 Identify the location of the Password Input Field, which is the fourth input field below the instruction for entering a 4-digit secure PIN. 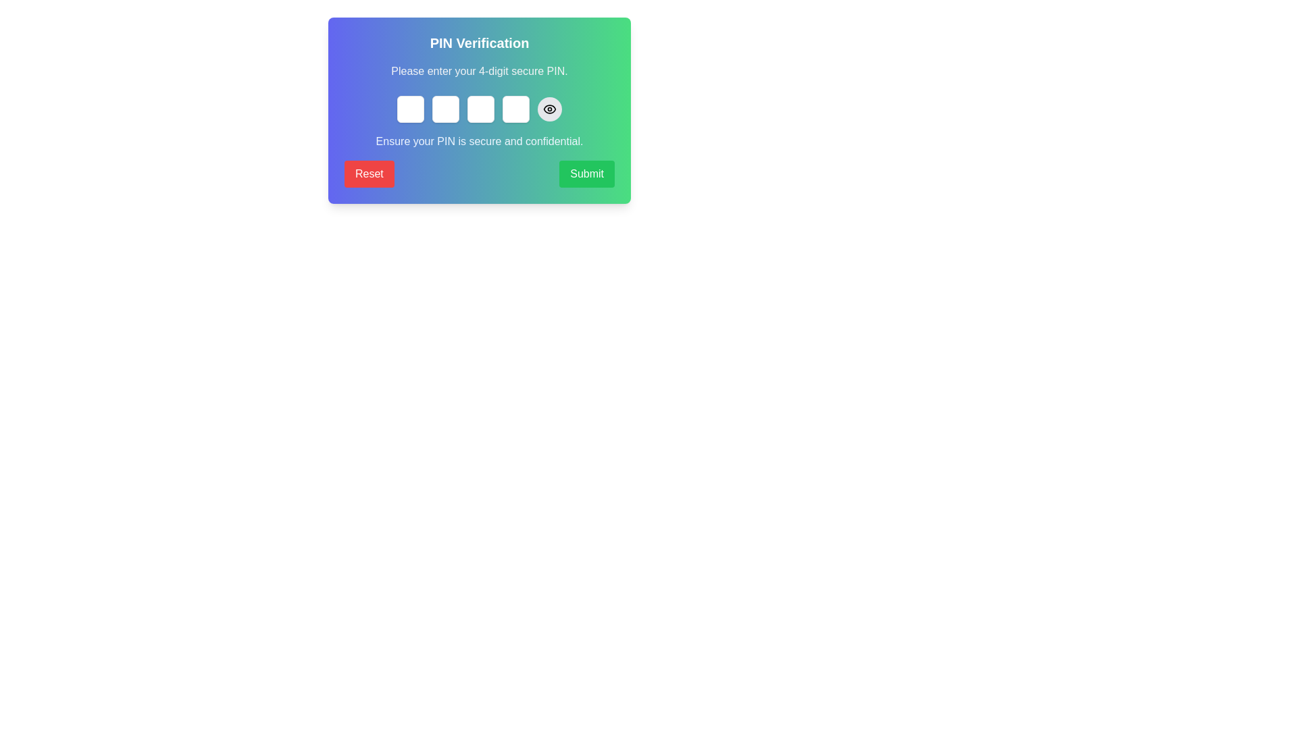
(515, 109).